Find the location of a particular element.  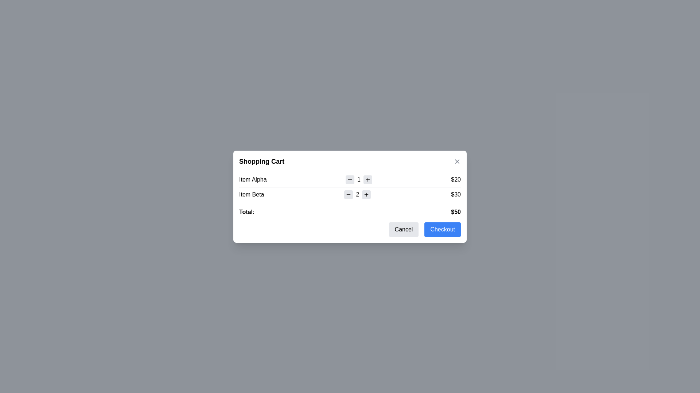

the minus button in the shopping cart item overview for 'Item Alpha' to decrease its quantity is located at coordinates (350, 179).